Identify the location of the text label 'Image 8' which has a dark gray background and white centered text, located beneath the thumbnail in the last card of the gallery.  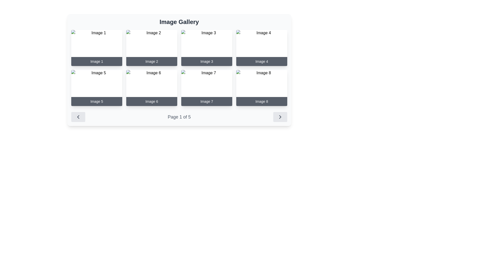
(261, 101).